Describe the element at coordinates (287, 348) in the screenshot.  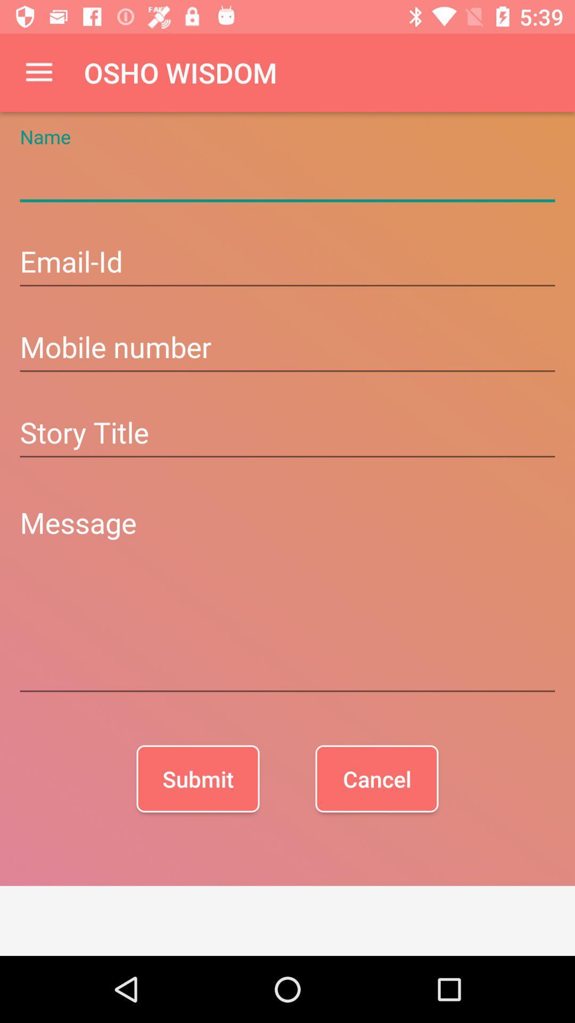
I see `mobile number` at that location.